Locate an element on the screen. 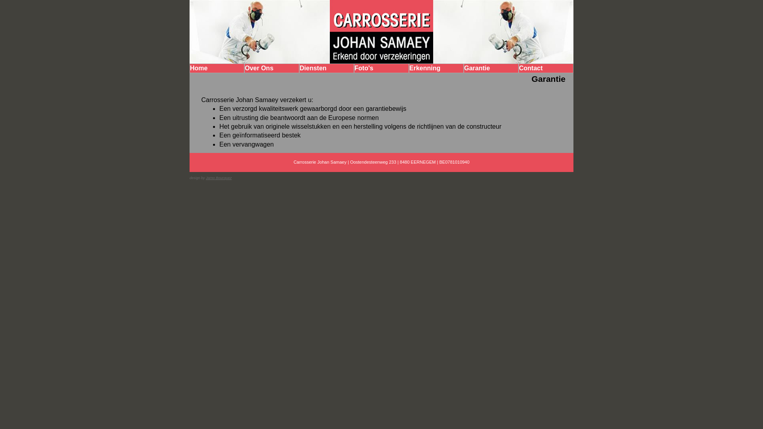 The width and height of the screenshot is (763, 429). 'Erkenning' is located at coordinates (436, 68).